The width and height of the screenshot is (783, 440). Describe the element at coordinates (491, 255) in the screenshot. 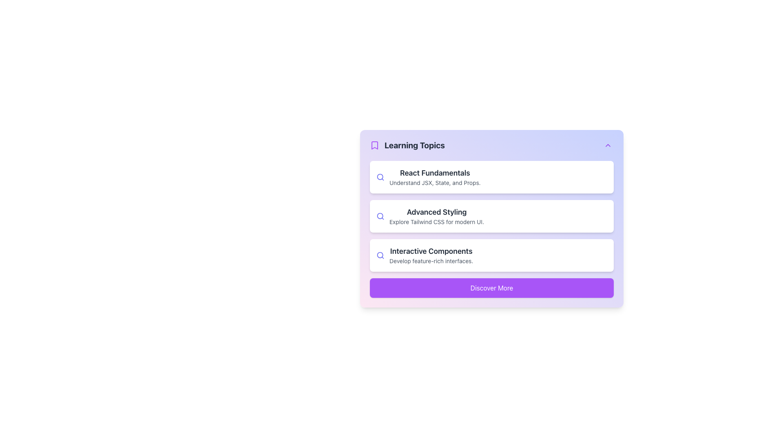

I see `the Informational card that is the third item in a vertical list, positioned below the 'Advanced Styling' card and above the 'Discover More' button` at that location.